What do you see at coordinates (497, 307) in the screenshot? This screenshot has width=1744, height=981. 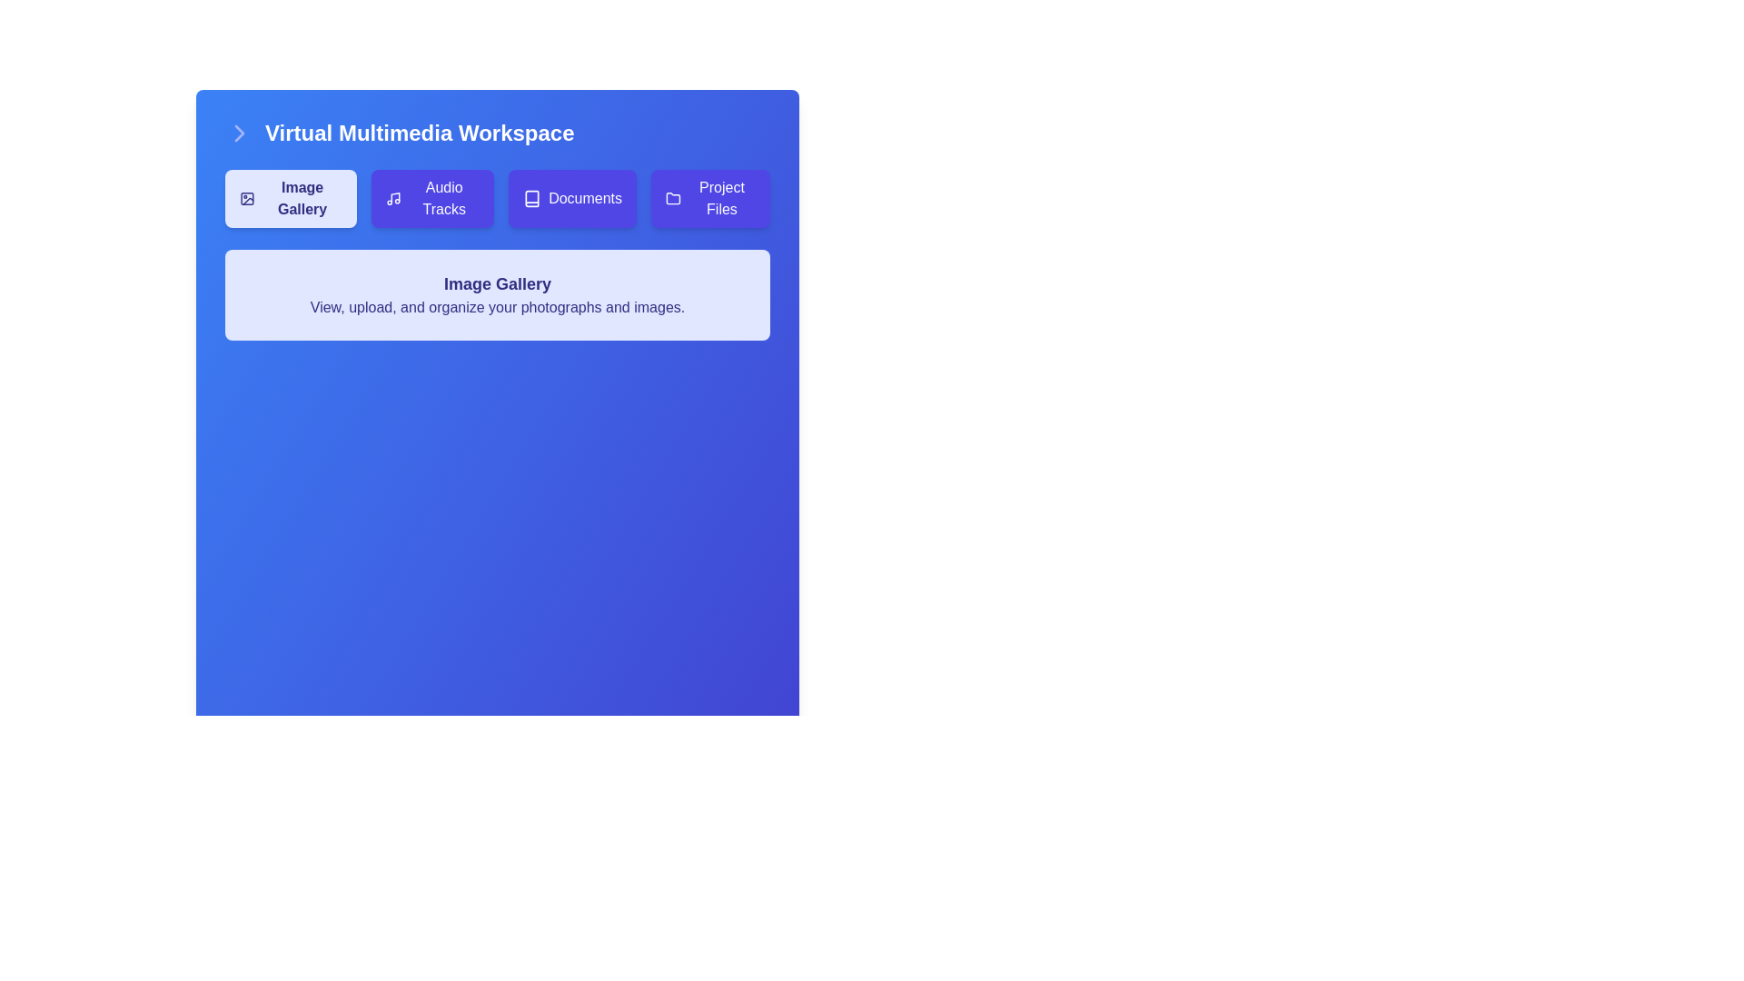 I see `the label that reads 'View, upload, and organize your photographs and images.' which is located beneath the 'Image Gallery' heading and has a dark text color on a light background` at bounding box center [497, 307].